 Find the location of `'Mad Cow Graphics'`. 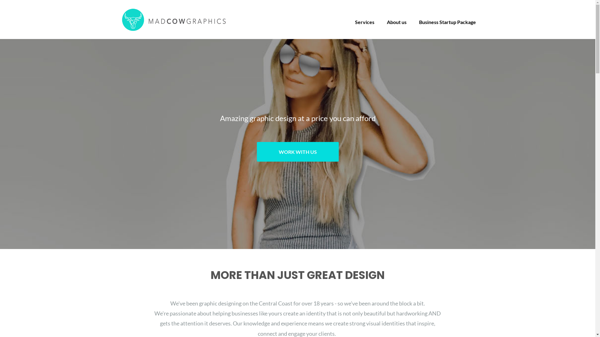

'Mad Cow Graphics' is located at coordinates (174, 18).